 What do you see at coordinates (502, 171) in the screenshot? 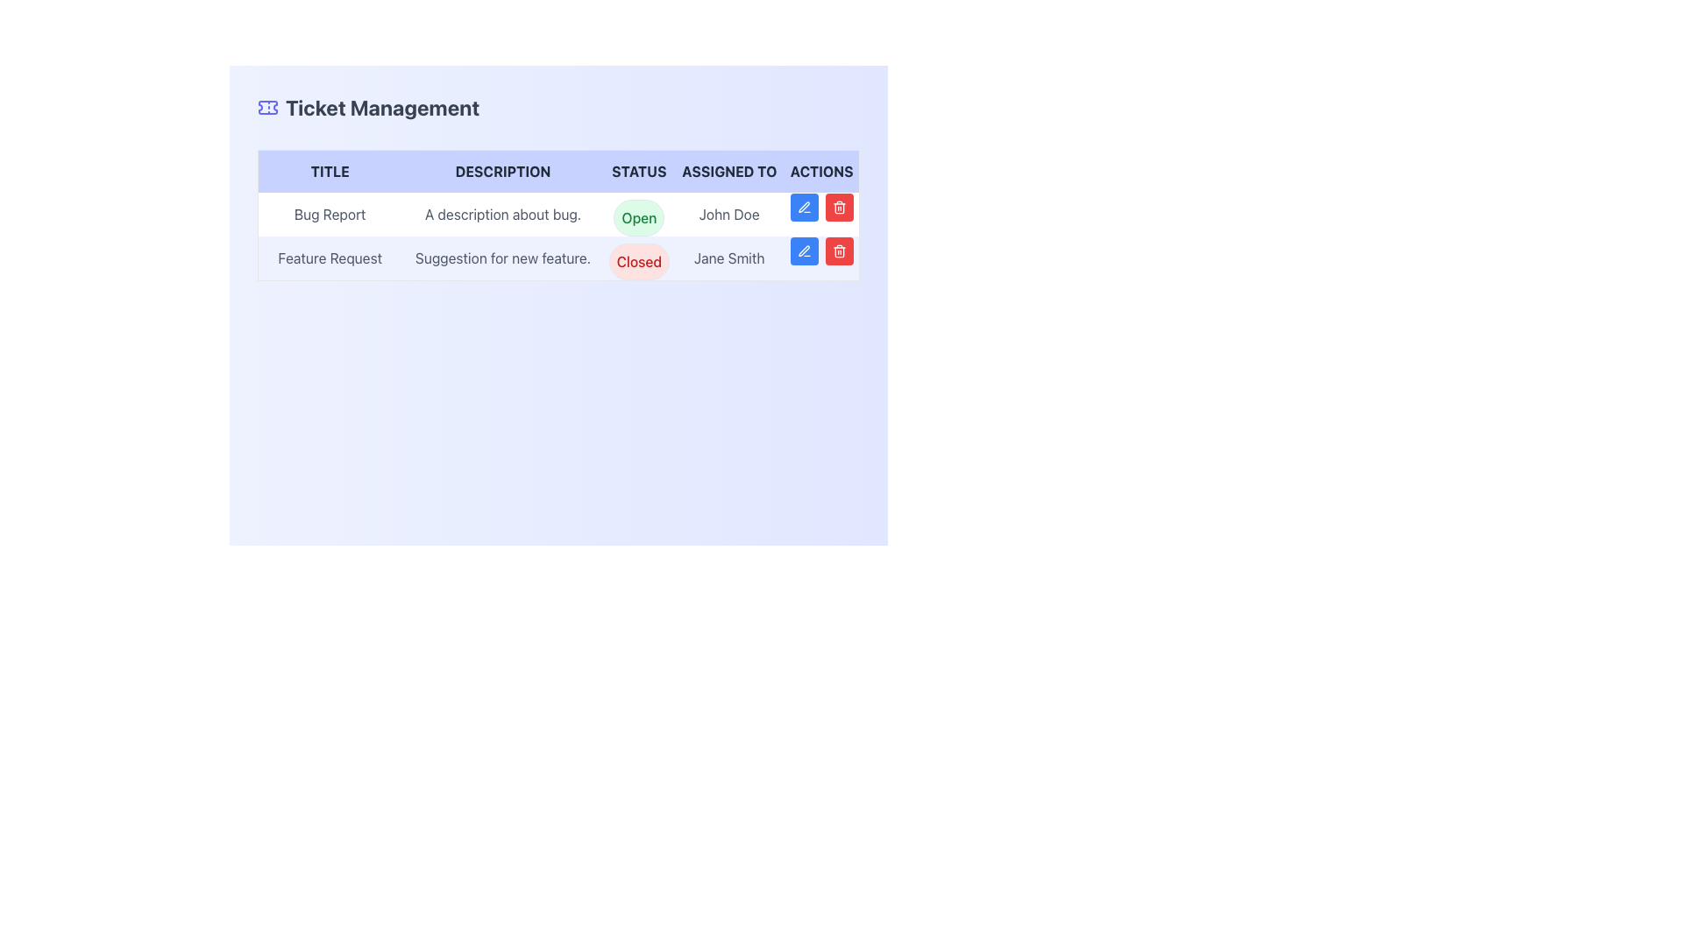
I see `the text label displaying 'Description', which is the second header in the Ticket Management table, styled in bold dark text on a light blue background` at bounding box center [502, 171].